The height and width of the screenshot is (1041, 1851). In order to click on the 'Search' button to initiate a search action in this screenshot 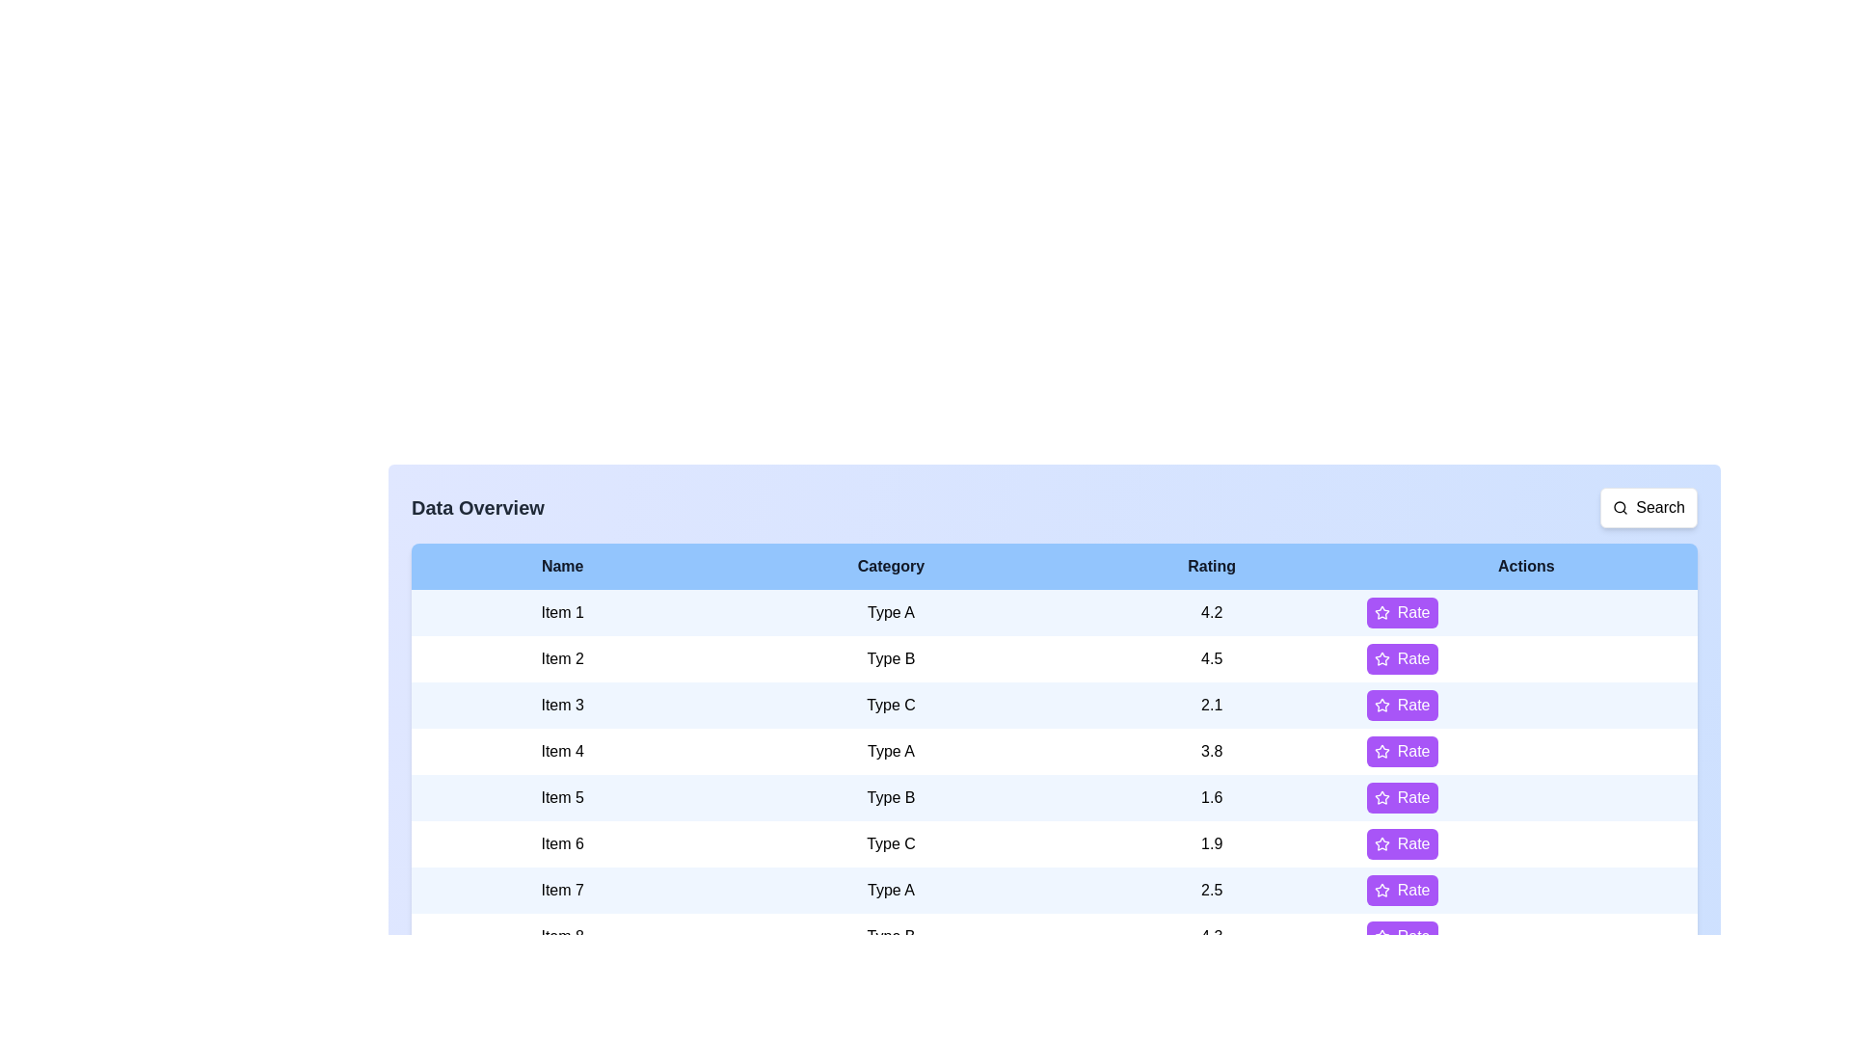, I will do `click(1647, 507)`.